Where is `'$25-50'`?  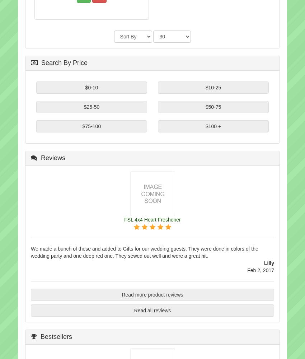
'$25-50' is located at coordinates (83, 107).